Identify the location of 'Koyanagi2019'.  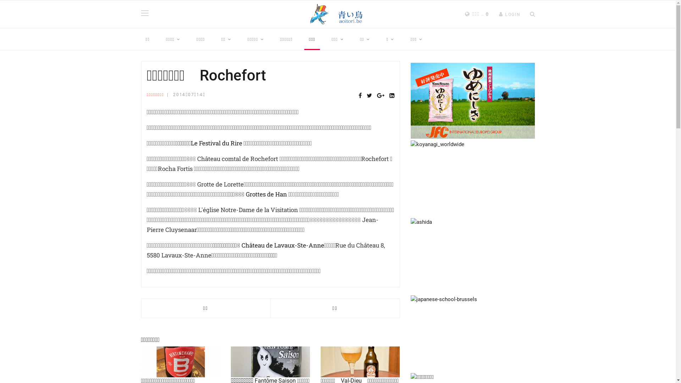
(473, 178).